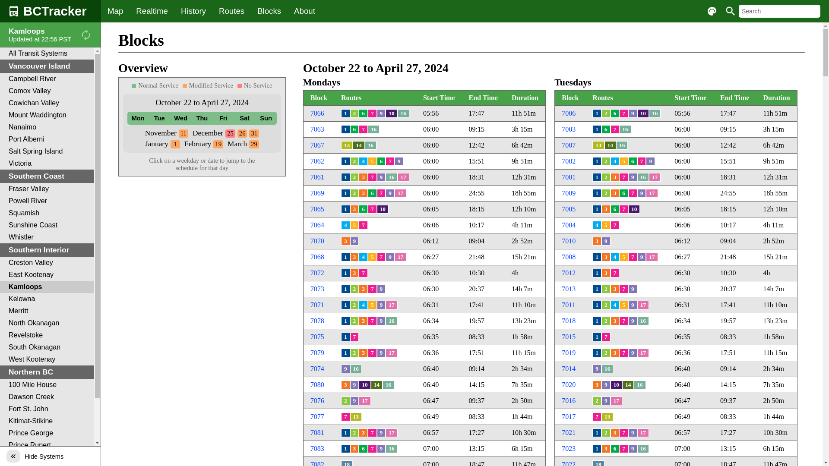  I want to click on '3', so click(610, 289).